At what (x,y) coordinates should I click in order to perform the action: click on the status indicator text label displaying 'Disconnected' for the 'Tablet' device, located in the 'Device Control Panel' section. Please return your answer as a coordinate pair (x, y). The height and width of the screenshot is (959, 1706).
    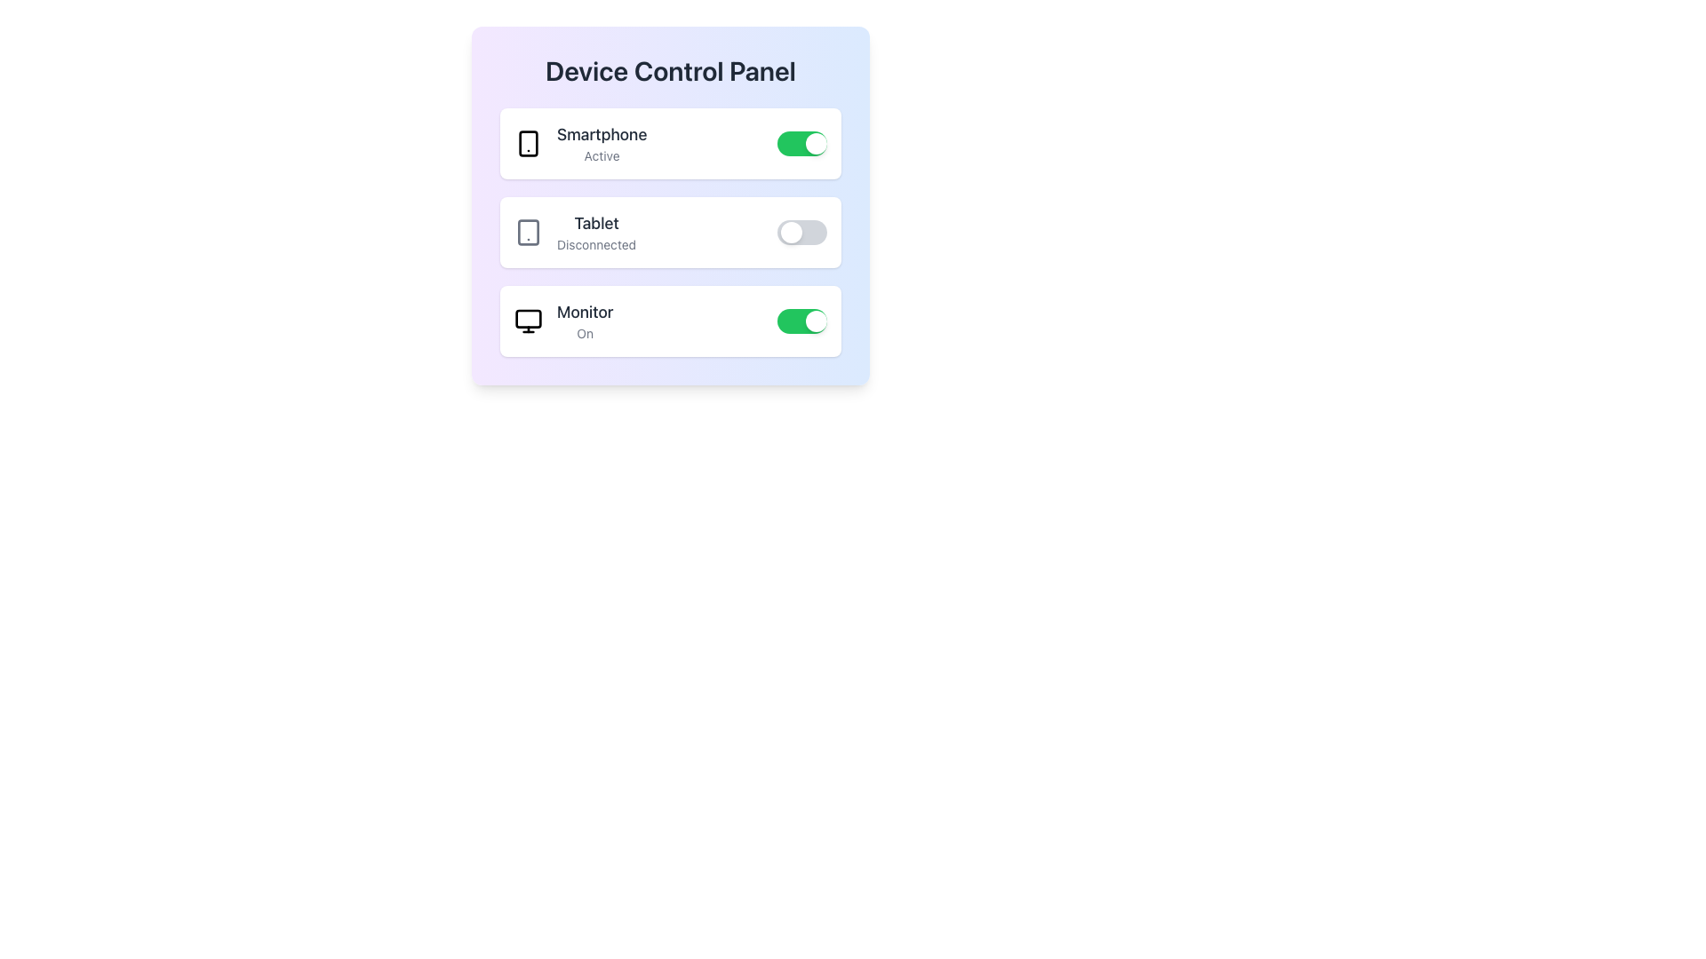
    Looking at the image, I should click on (596, 245).